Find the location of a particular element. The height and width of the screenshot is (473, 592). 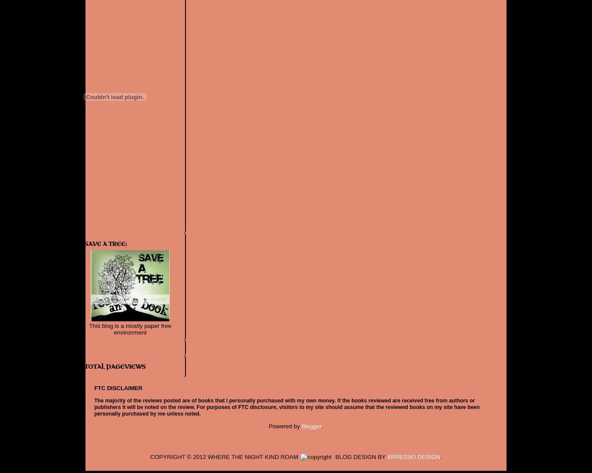

'Save a Tree:' is located at coordinates (105, 243).